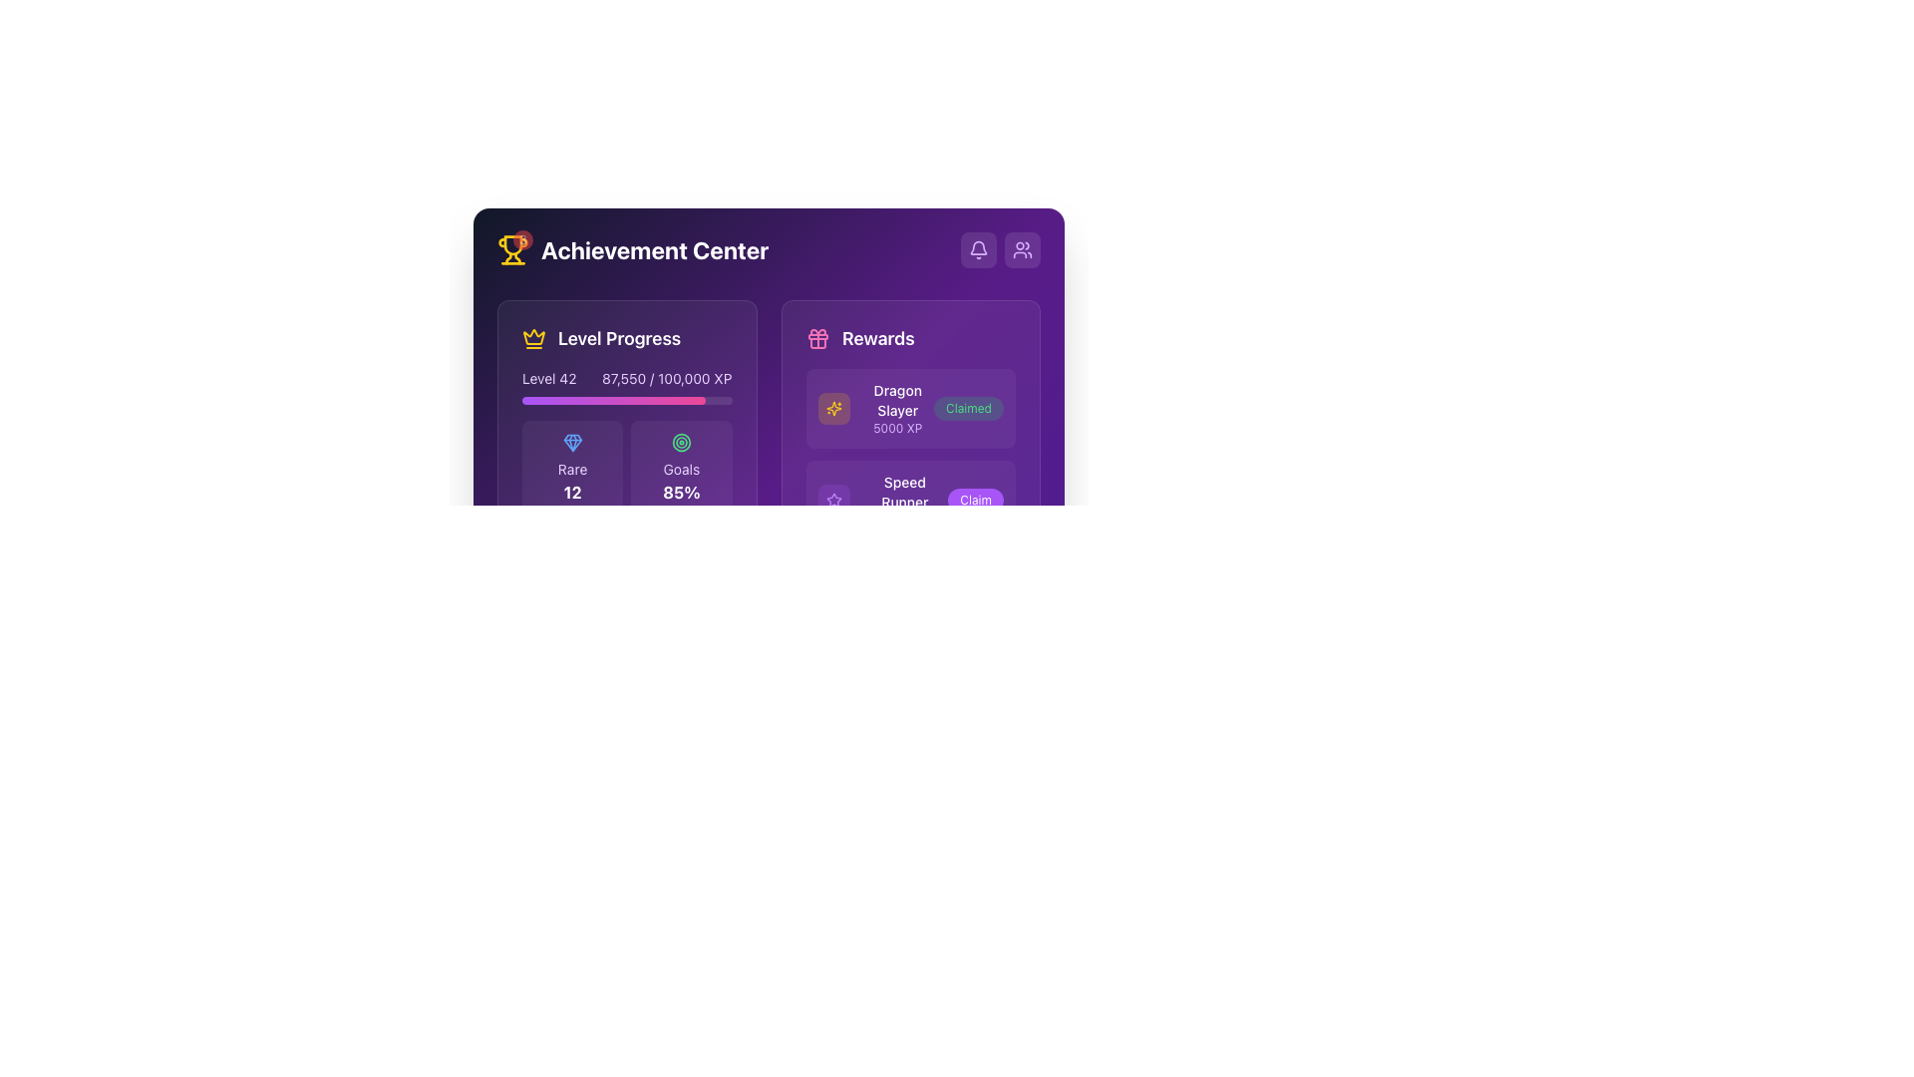 This screenshot has height=1077, width=1914. I want to click on the Text Label displaying 'Dragon Slayer' and '5000 XP' in the Rewards section, which has a purple background, so click(896, 407).